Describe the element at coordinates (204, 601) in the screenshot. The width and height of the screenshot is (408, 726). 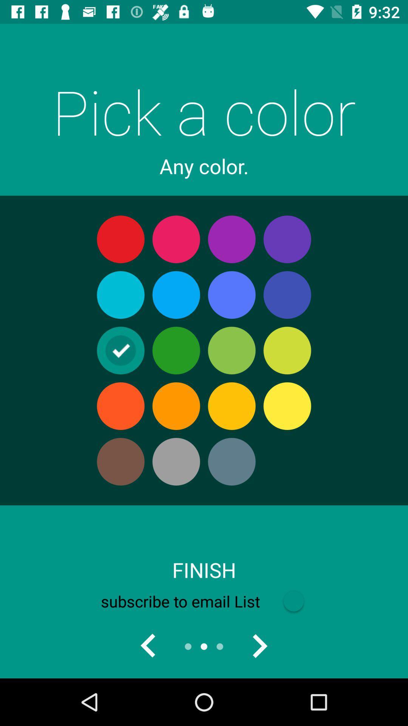
I see `the icon below the finish item` at that location.